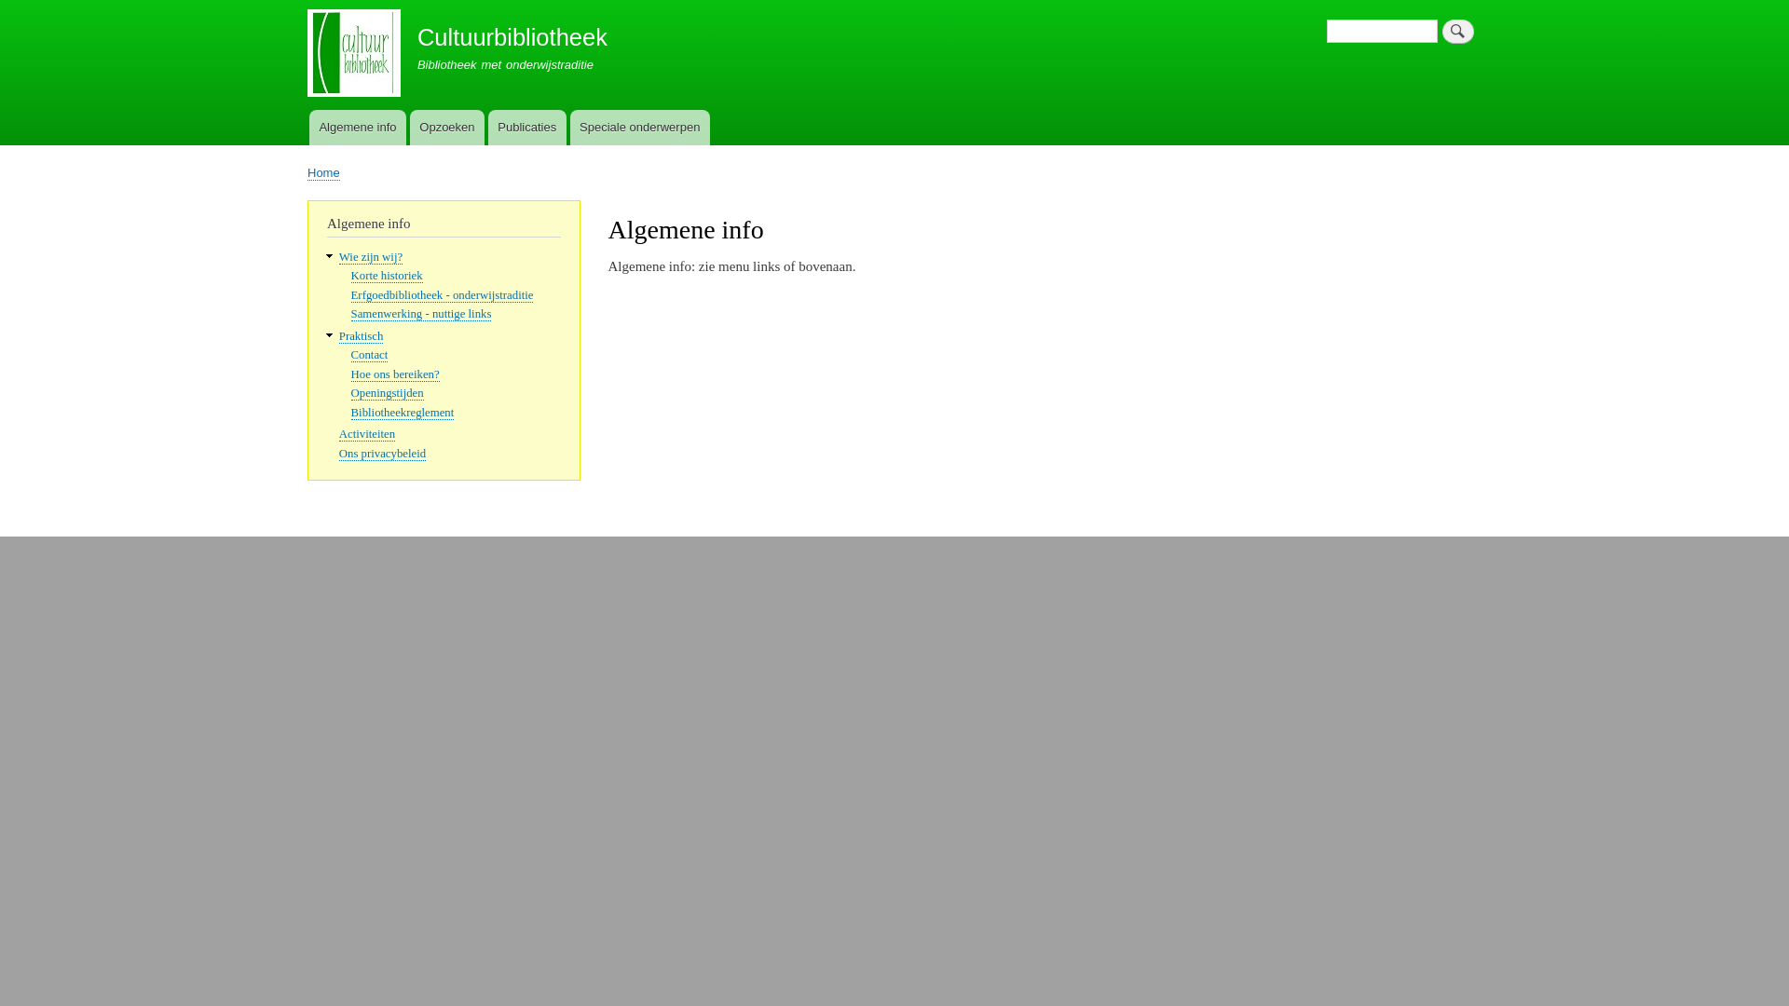 The image size is (1789, 1006). Describe the element at coordinates (1441, 32) in the screenshot. I see `'Zoeken'` at that location.